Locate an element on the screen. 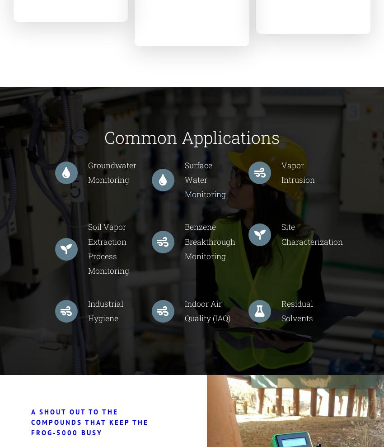  'Vapor Intrusion' is located at coordinates (298, 171).